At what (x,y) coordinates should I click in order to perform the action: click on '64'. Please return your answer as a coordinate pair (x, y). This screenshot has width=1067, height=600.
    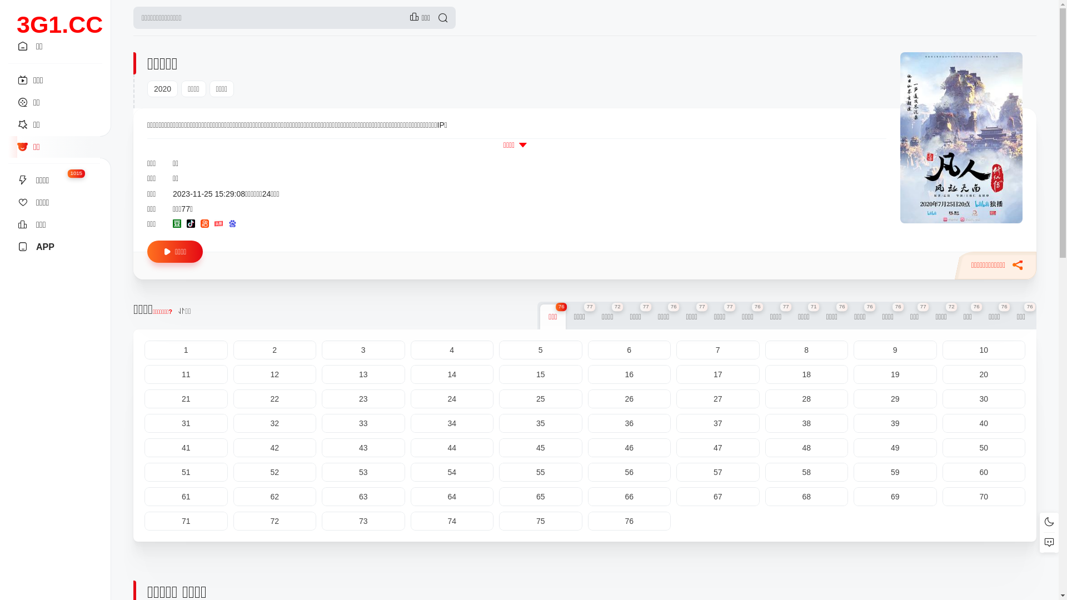
    Looking at the image, I should click on (451, 496).